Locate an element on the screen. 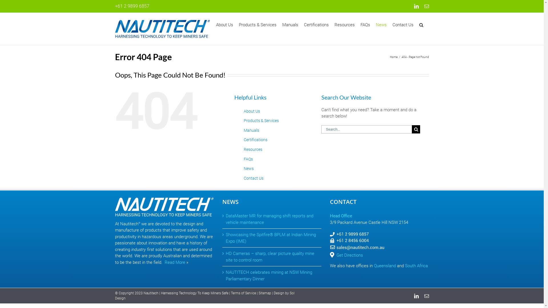 This screenshot has width=548, height=308. 'South Africa' is located at coordinates (416, 266).